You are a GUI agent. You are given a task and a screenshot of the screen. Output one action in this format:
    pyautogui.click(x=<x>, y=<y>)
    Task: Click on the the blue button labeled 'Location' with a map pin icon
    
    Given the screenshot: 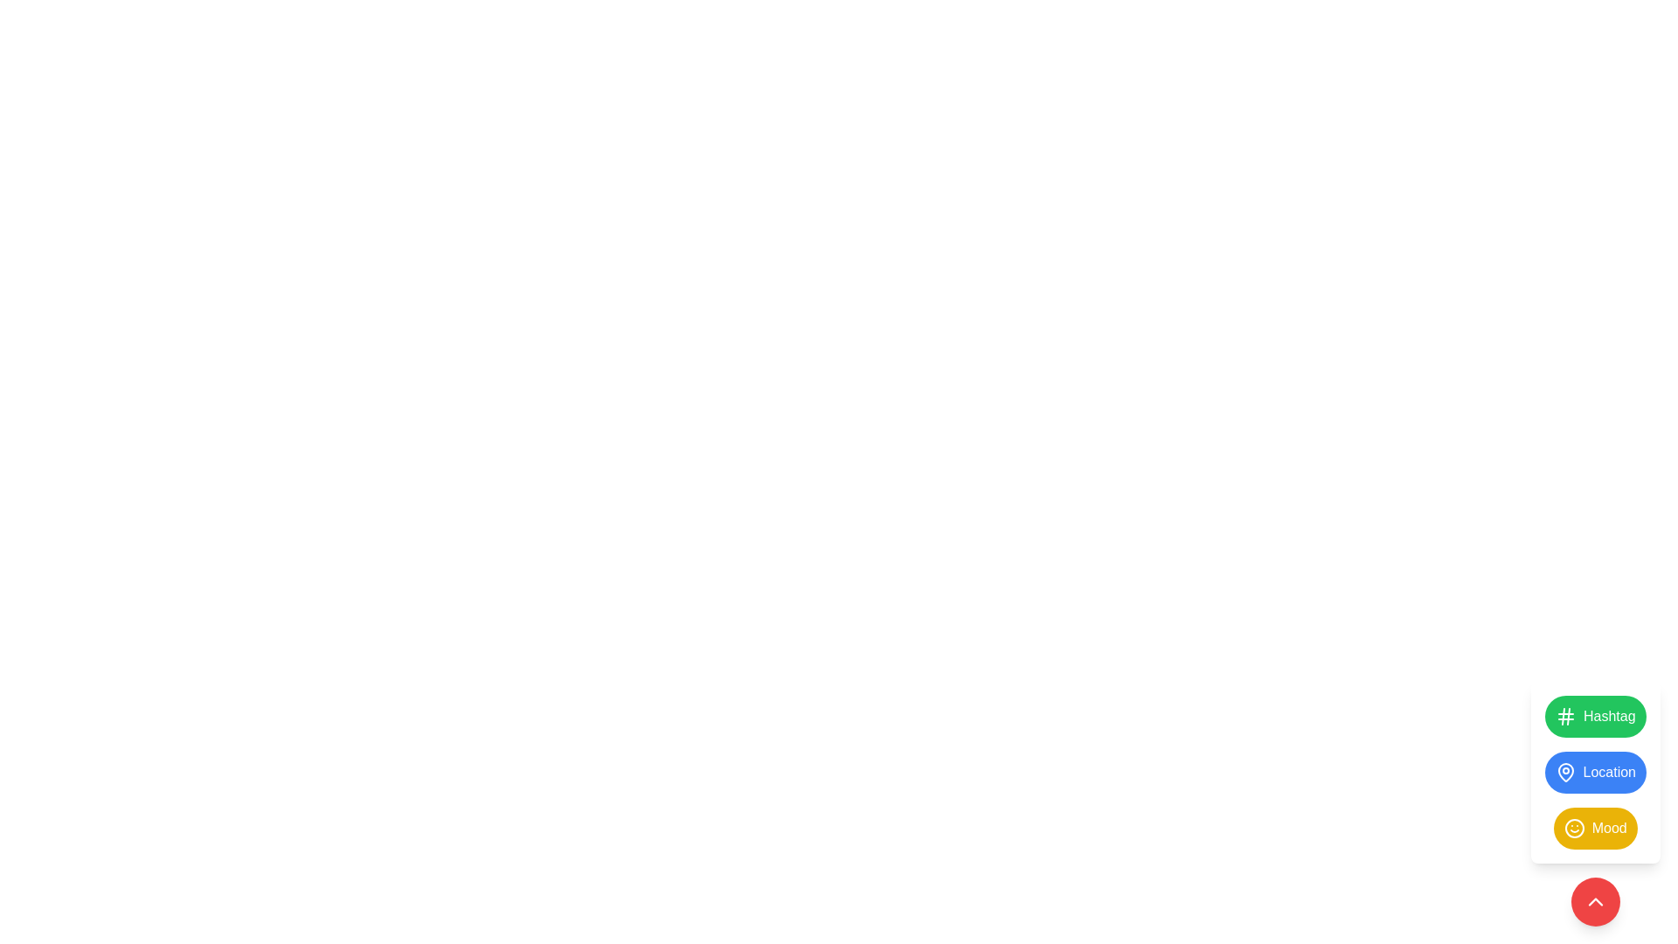 What is the action you would take?
    pyautogui.click(x=1595, y=771)
    